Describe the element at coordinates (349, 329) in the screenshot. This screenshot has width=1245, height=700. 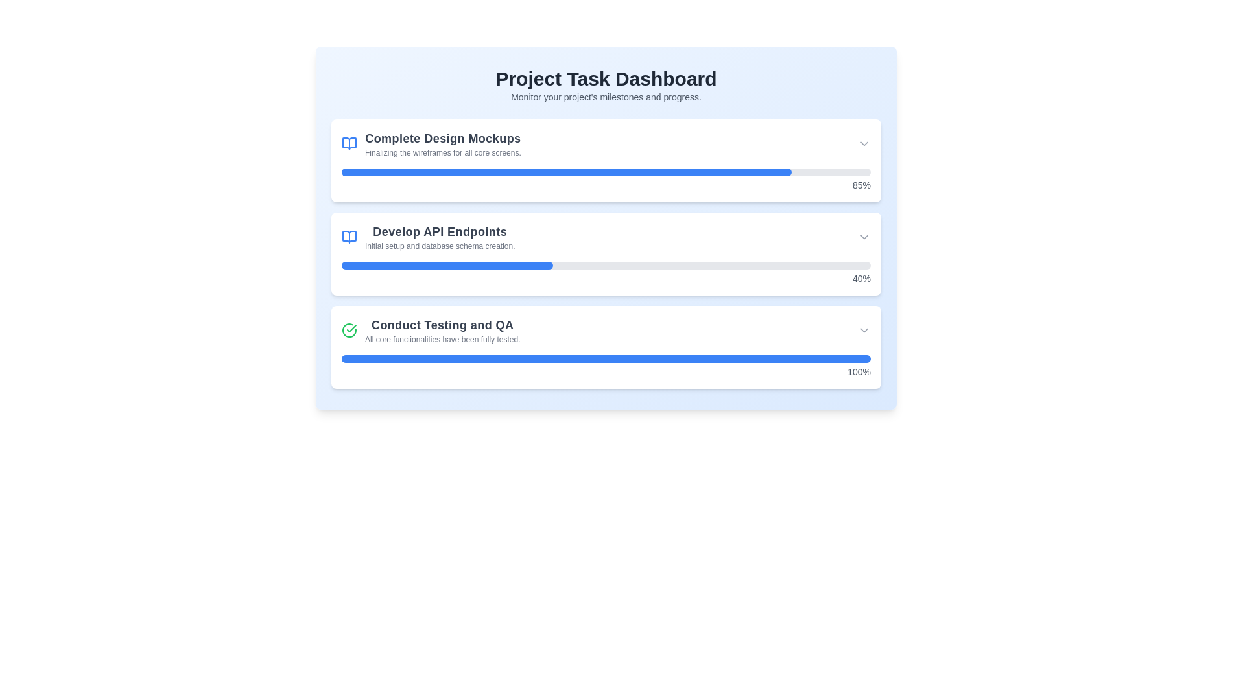
I see `the status icon indicating the completion of the 'Conduct Testing and QA' task, positioned to the left of the task text and progress bar in the third item of the task list` at that location.